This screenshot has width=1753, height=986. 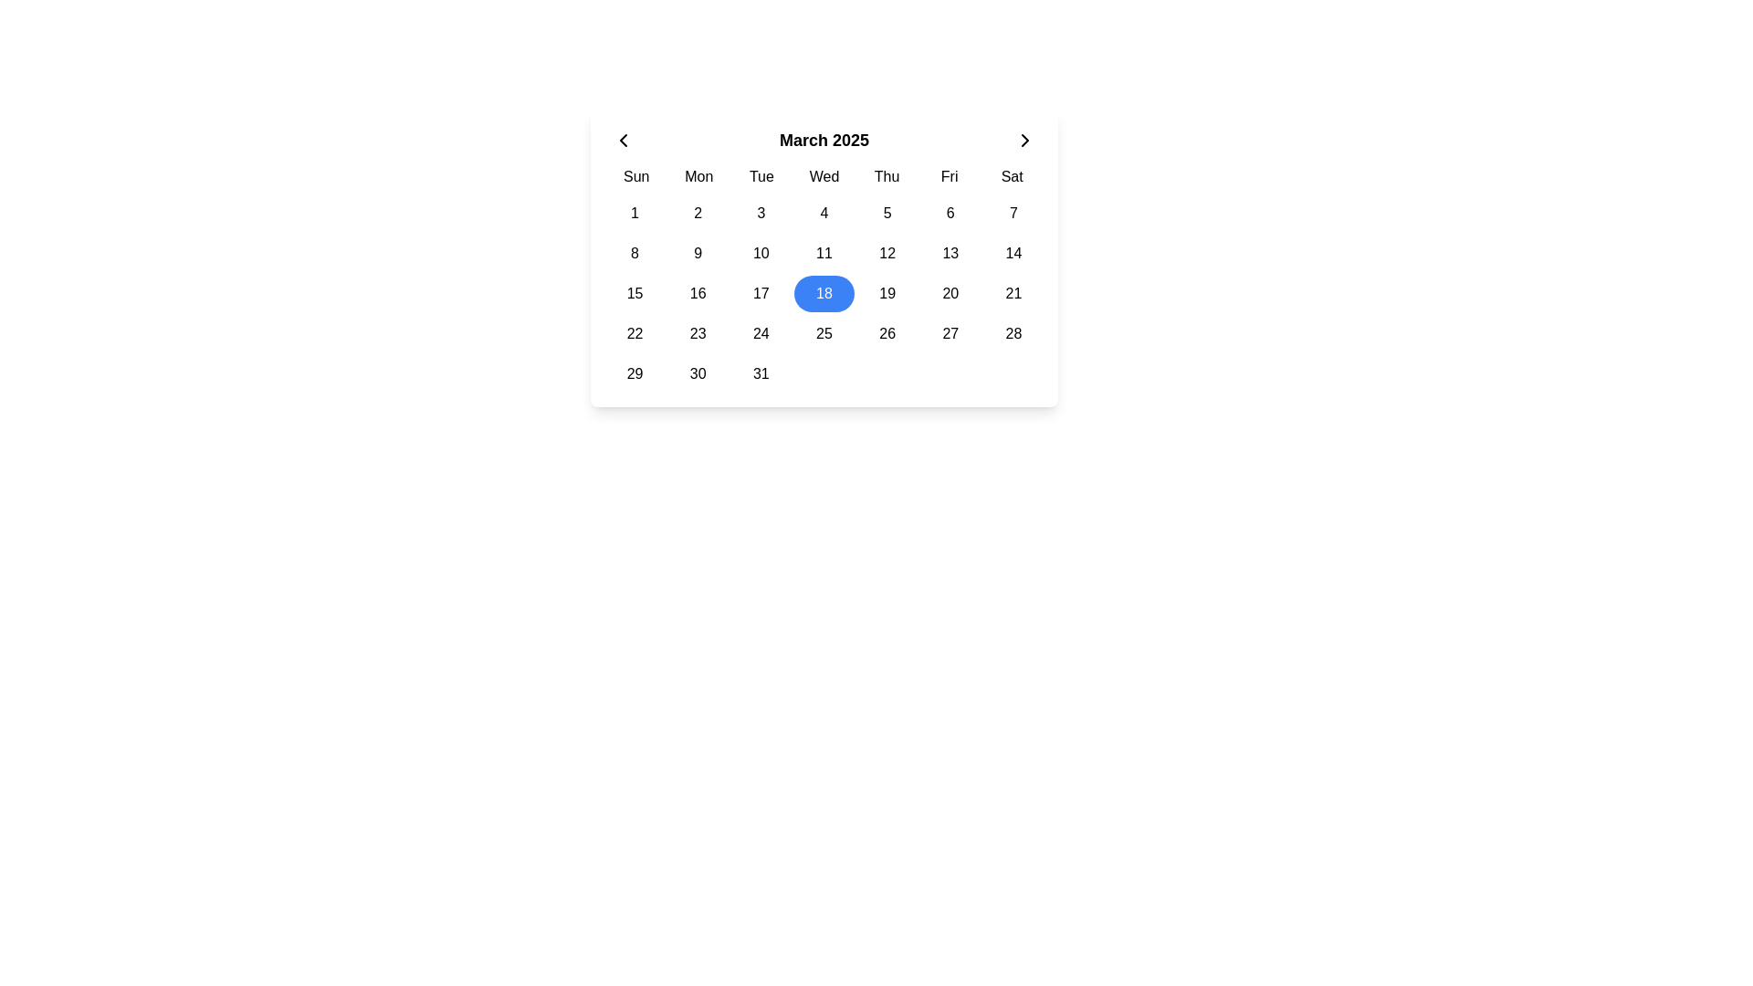 What do you see at coordinates (823, 334) in the screenshot?
I see `the button displaying the number '25' located in the sixth row and fourth column of the calendar grid` at bounding box center [823, 334].